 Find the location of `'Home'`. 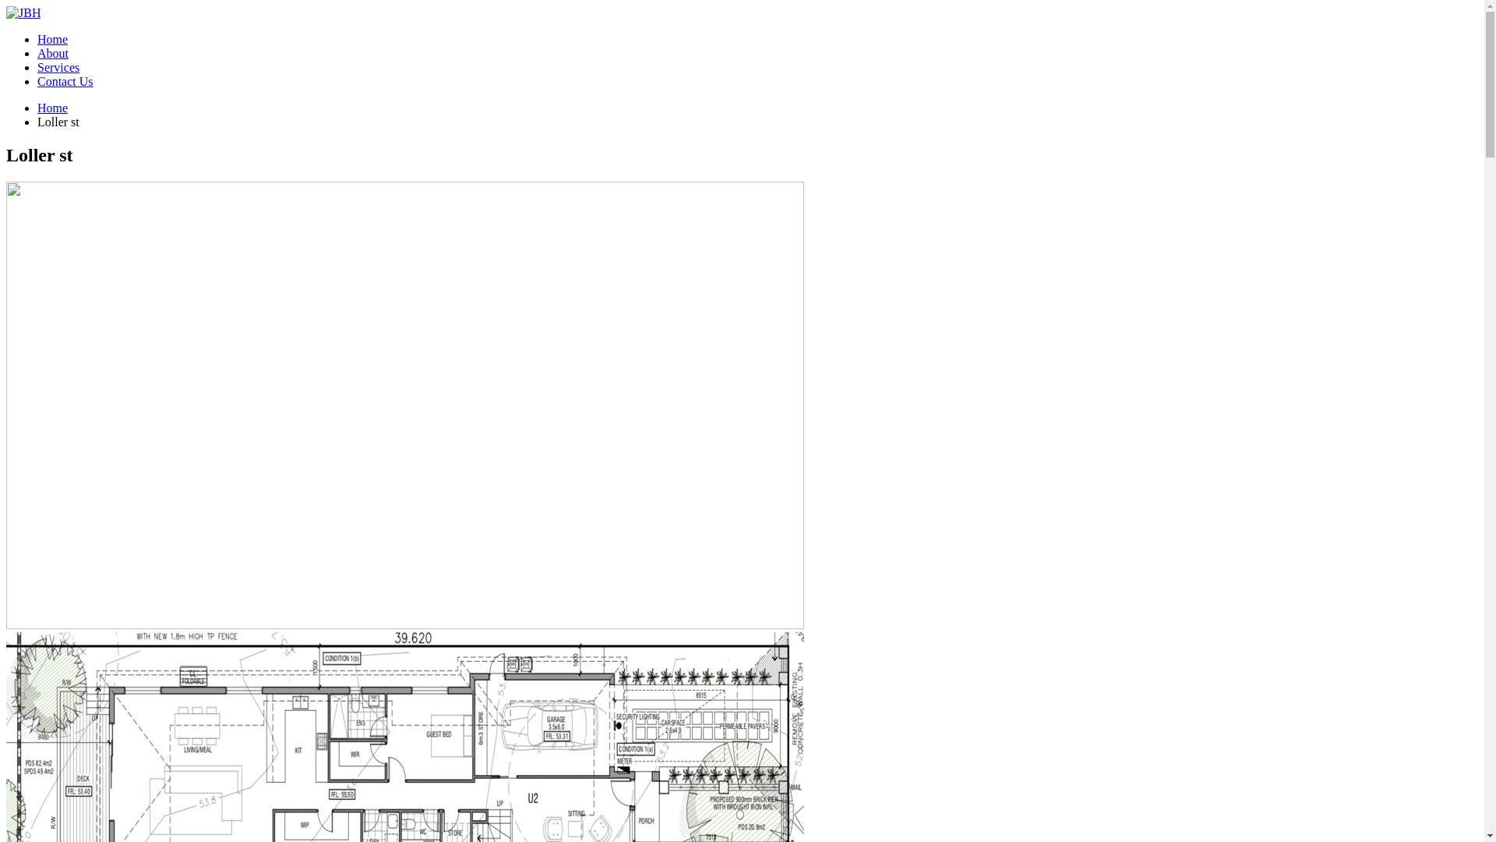

'Home' is located at coordinates (52, 107).